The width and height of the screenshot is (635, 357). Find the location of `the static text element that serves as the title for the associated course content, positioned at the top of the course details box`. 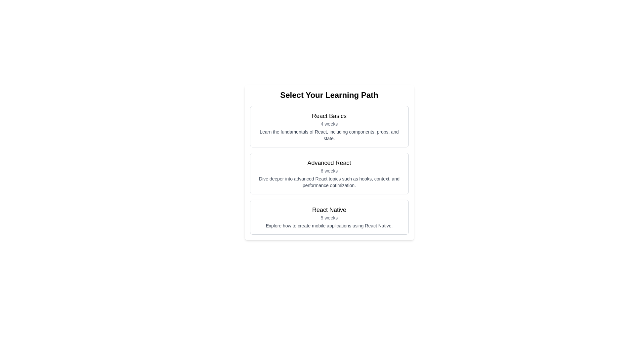

the static text element that serves as the title for the associated course content, positioned at the top of the course details box is located at coordinates (329, 116).